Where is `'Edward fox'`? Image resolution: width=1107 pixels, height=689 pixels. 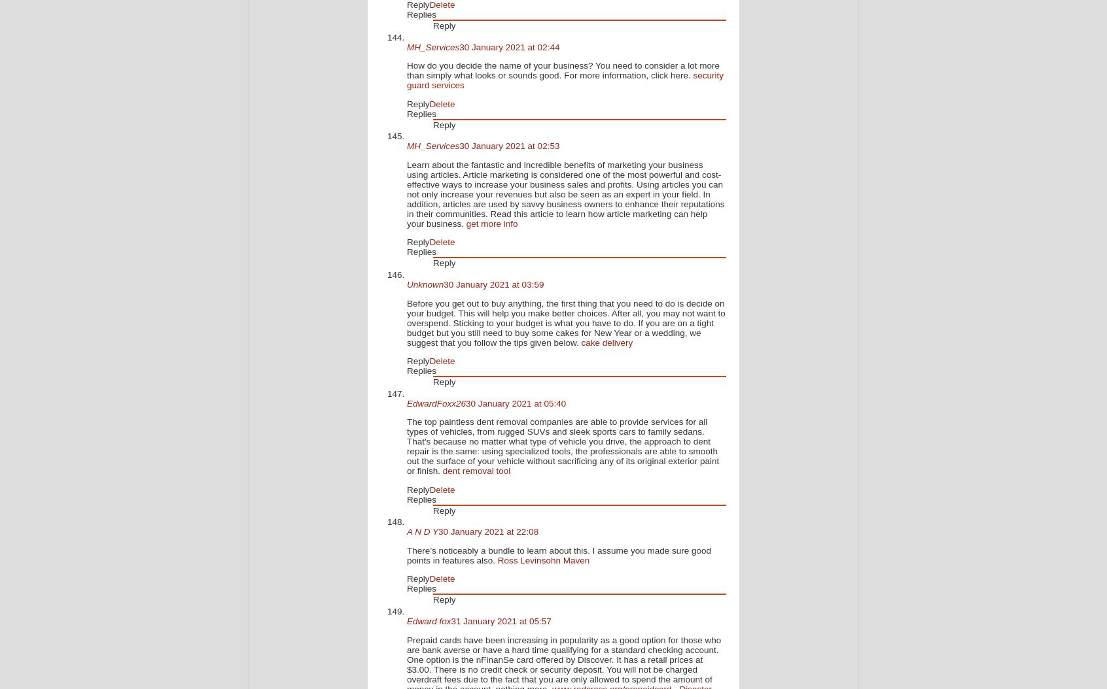
'Edward fox' is located at coordinates (429, 621).